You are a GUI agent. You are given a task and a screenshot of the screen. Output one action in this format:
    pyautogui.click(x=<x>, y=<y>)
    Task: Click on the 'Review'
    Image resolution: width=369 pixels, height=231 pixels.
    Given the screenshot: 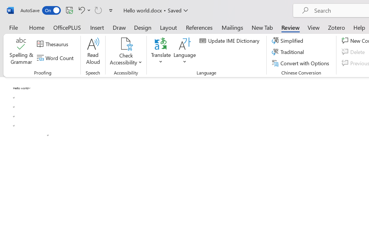 What is the action you would take?
    pyautogui.click(x=290, y=27)
    